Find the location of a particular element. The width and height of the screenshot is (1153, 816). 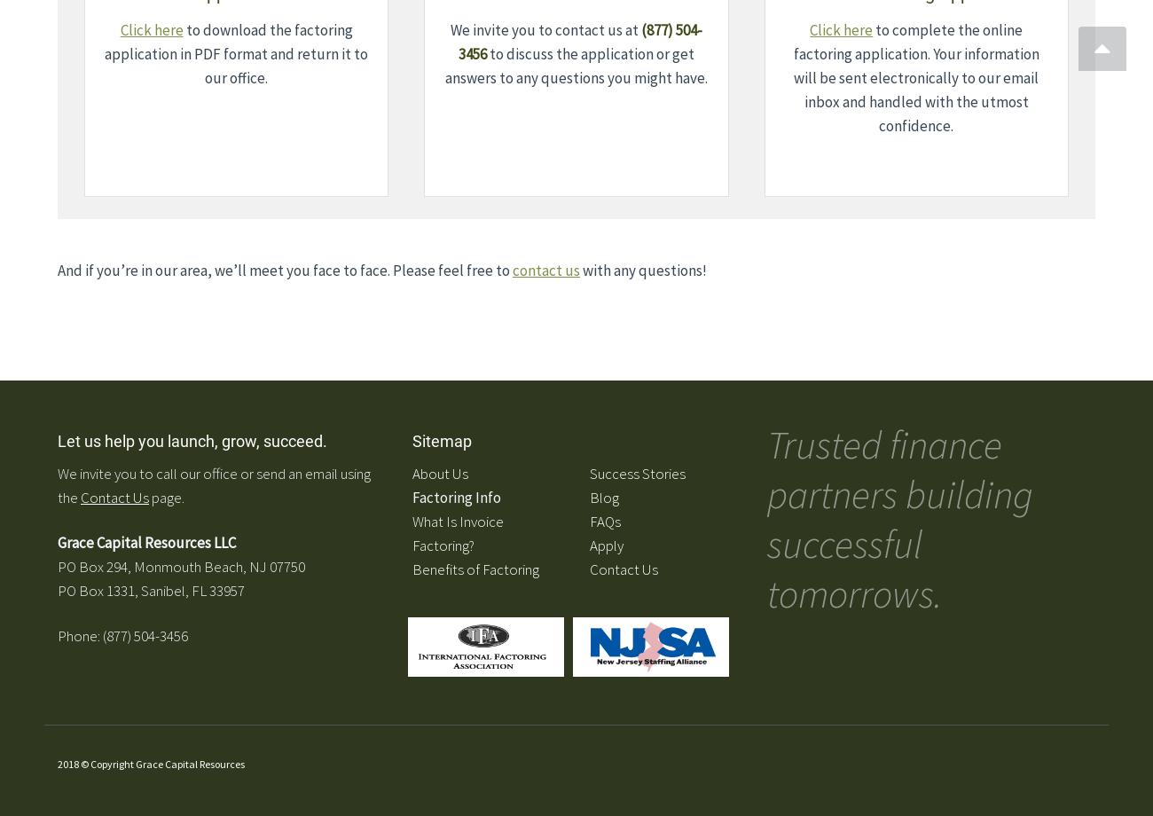

'We invite you to contact us at' is located at coordinates (450, 30).